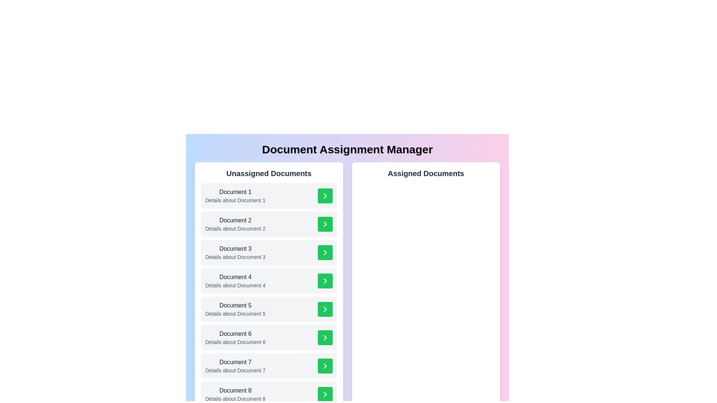 Image resolution: width=717 pixels, height=403 pixels. What do you see at coordinates (325, 281) in the screenshot?
I see `the right-pointing chevron icon button in the 'Unassigned Documents' section for 'Document 4'` at bounding box center [325, 281].